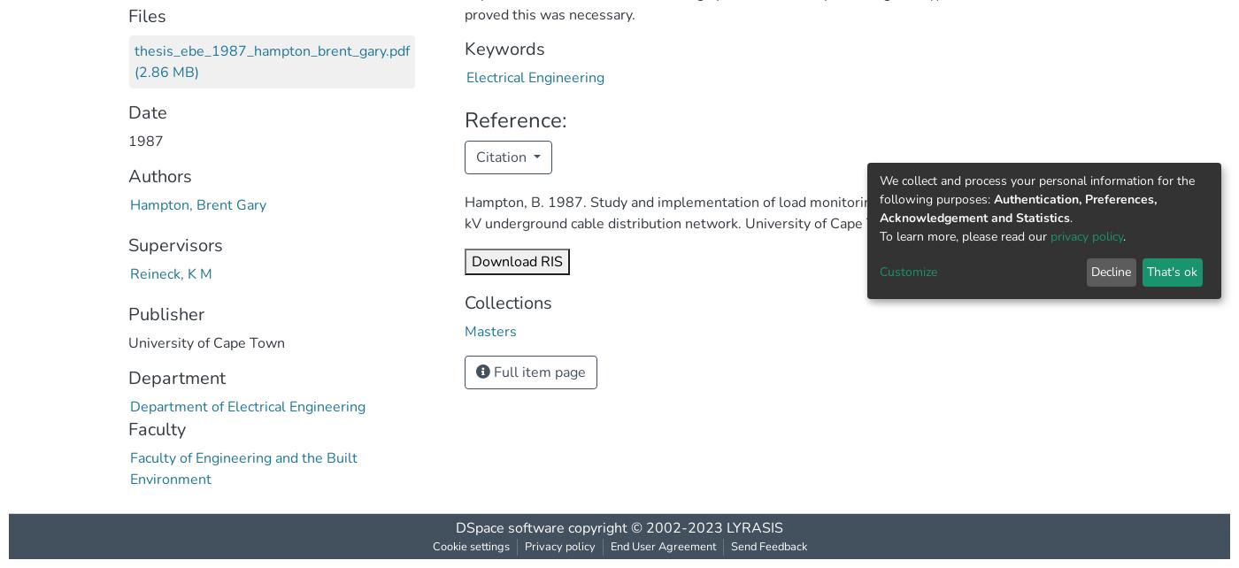  I want to click on 'Files', so click(128, 15).